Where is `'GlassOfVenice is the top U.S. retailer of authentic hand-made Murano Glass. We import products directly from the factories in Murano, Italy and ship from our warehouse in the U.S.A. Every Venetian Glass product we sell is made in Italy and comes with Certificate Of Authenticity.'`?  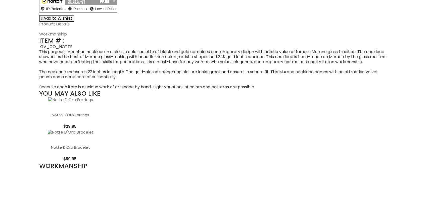 'GlassOfVenice is the top U.S. retailer of authentic hand-made Murano Glass. We import products directly from the factories in Murano, Italy and ship from our warehouse in the U.S.A. Every Venetian Glass product we sell is made in Italy and comes with Certificate Of Authenticity.' is located at coordinates (173, 179).